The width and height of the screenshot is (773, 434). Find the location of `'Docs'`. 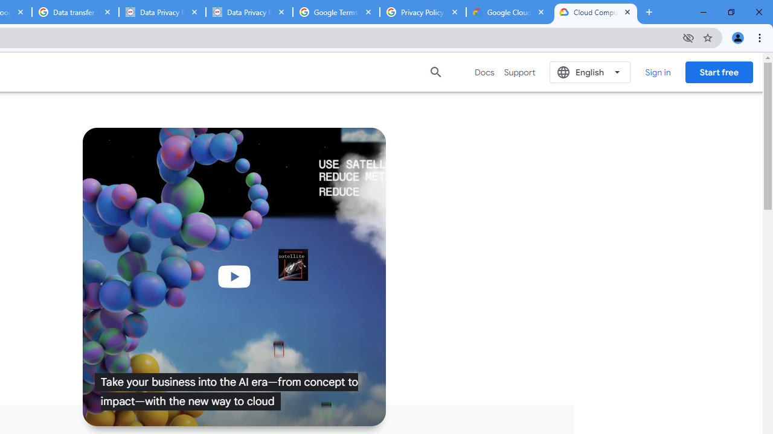

'Docs' is located at coordinates (484, 72).